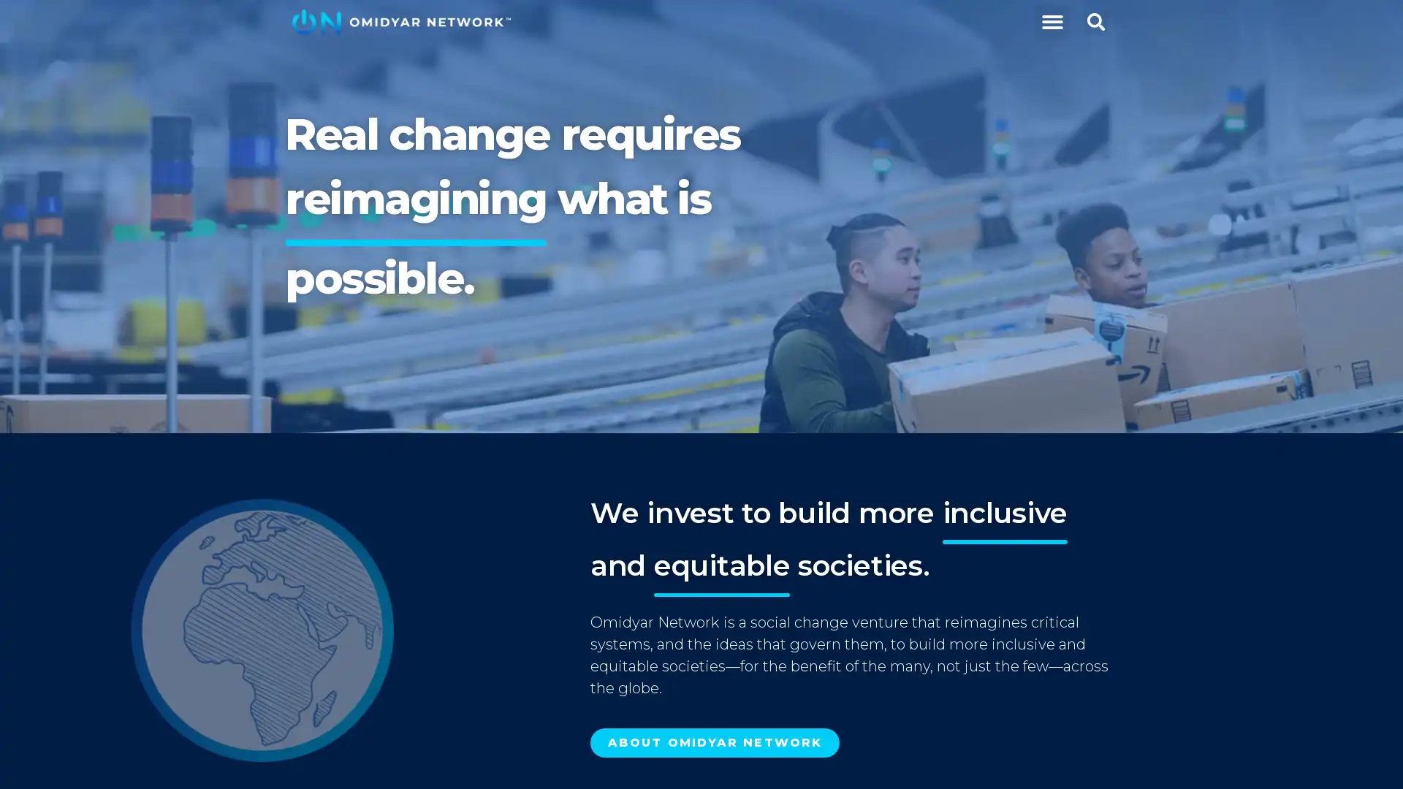 Image resolution: width=1403 pixels, height=789 pixels. What do you see at coordinates (1051, 22) in the screenshot?
I see `Menu Toggle` at bounding box center [1051, 22].